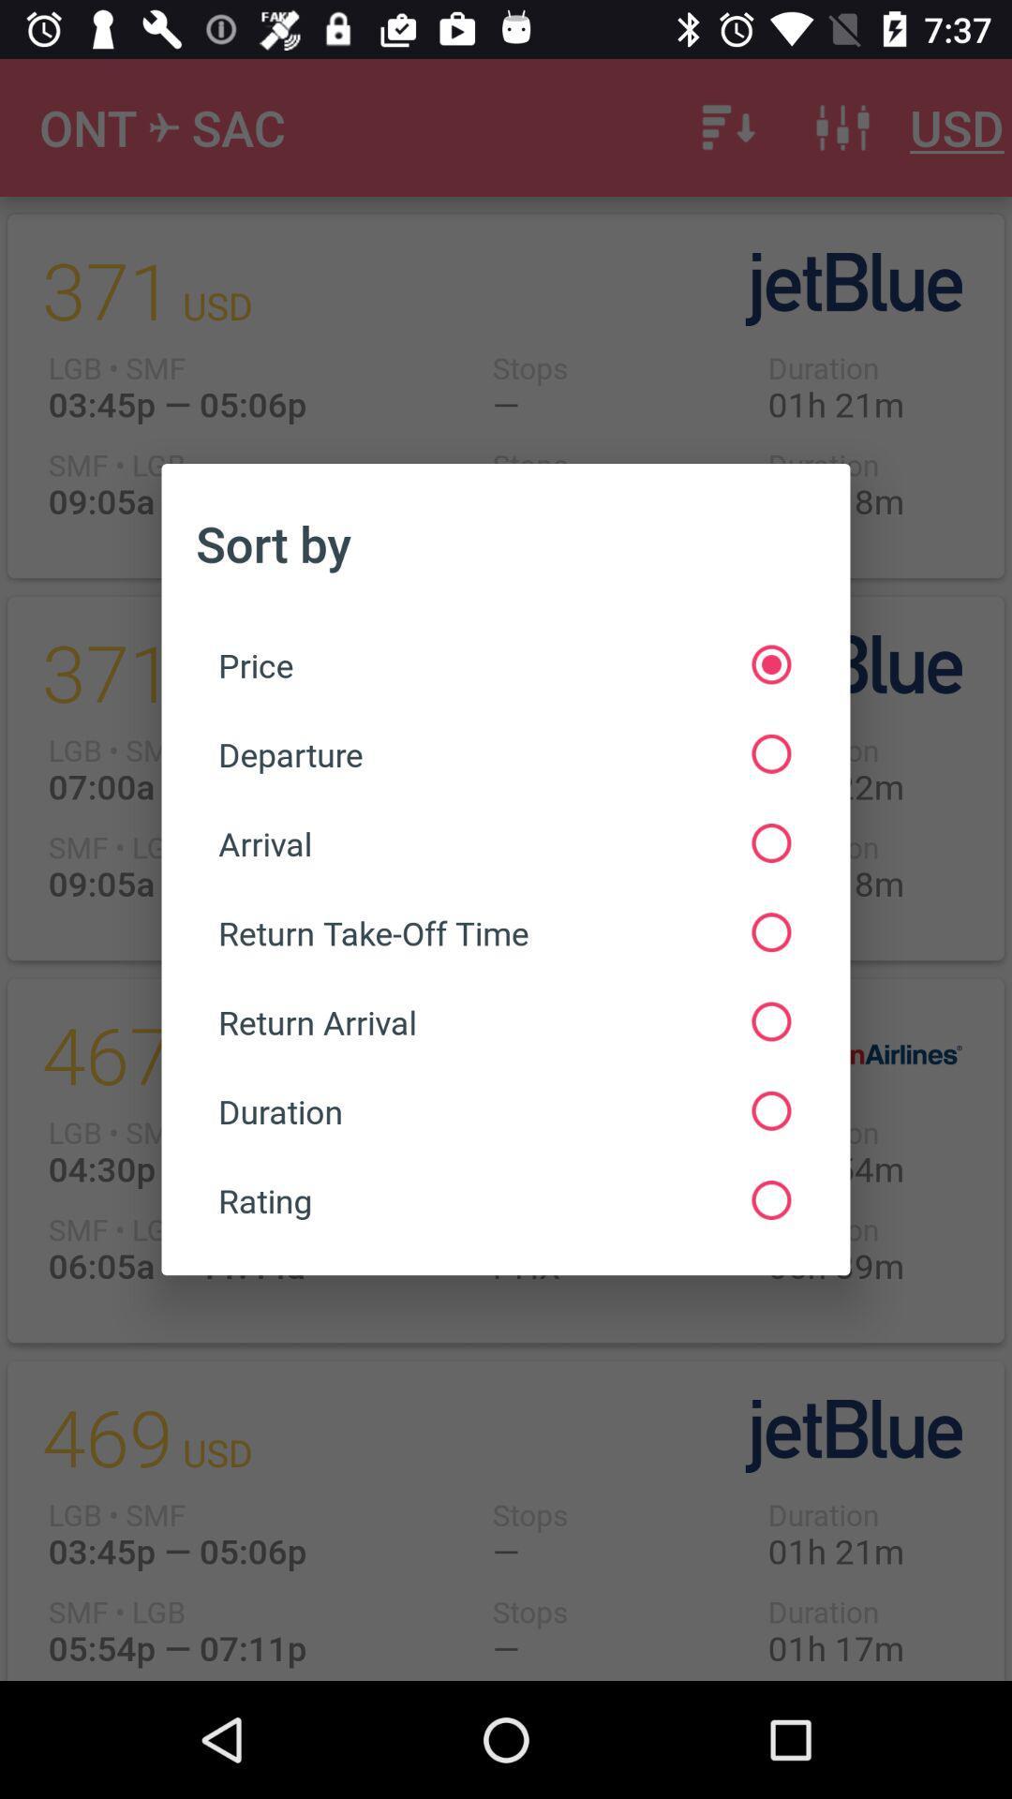  What do you see at coordinates (503, 664) in the screenshot?
I see `the icon below sort by item` at bounding box center [503, 664].